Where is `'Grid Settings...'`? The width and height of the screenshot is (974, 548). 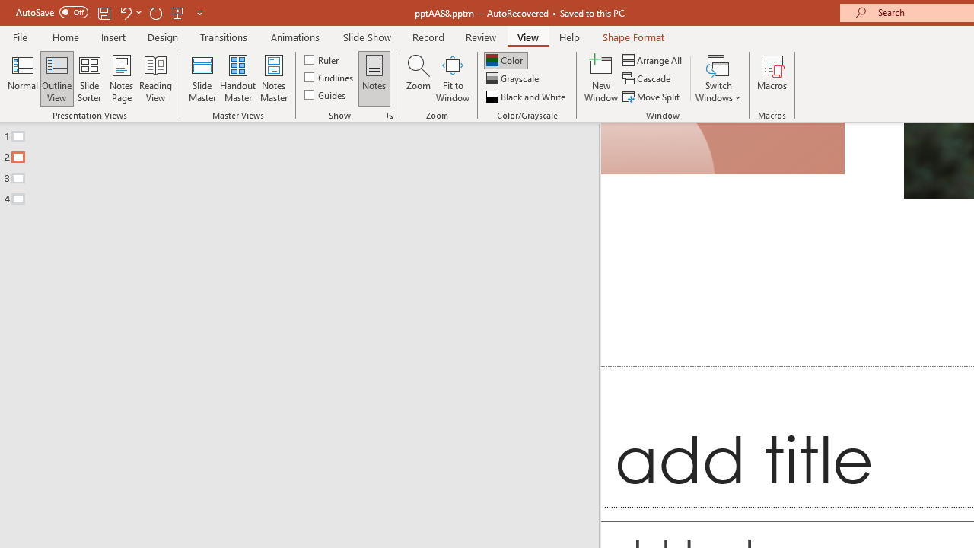 'Grid Settings...' is located at coordinates (390, 114).